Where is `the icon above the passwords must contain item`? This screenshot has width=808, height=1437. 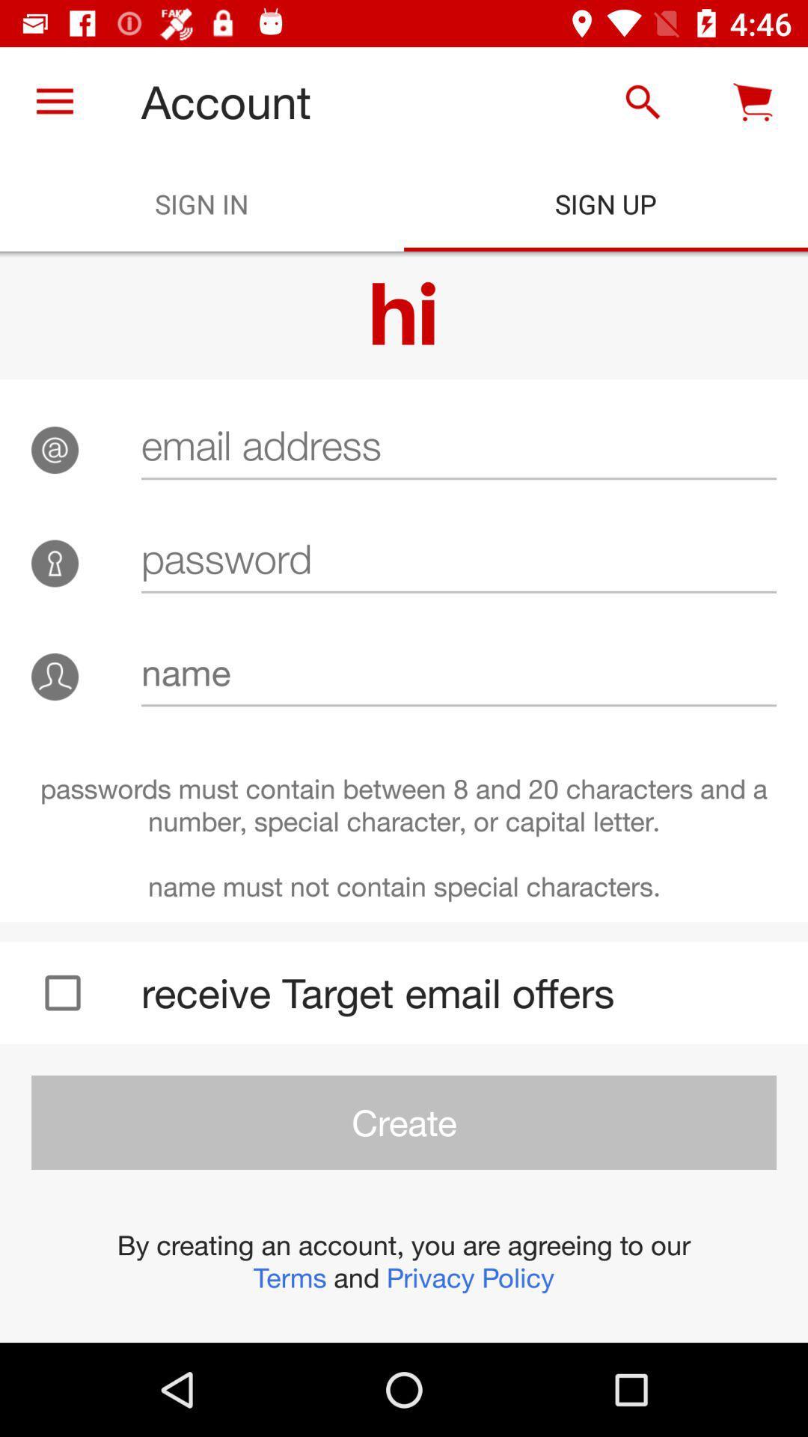
the icon above the passwords must contain item is located at coordinates (458, 671).